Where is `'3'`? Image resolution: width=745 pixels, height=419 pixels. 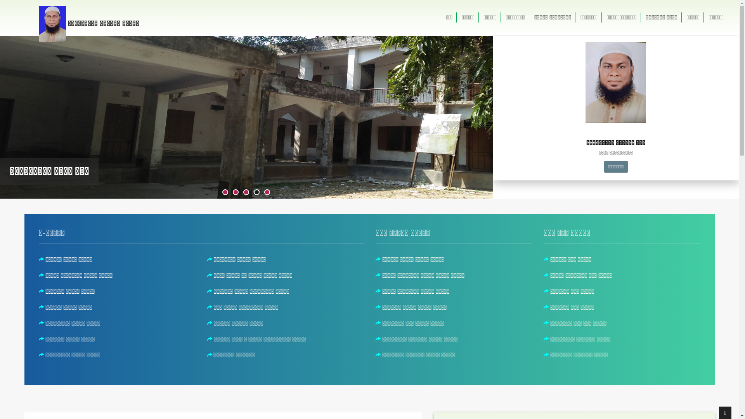 '3' is located at coordinates (246, 192).